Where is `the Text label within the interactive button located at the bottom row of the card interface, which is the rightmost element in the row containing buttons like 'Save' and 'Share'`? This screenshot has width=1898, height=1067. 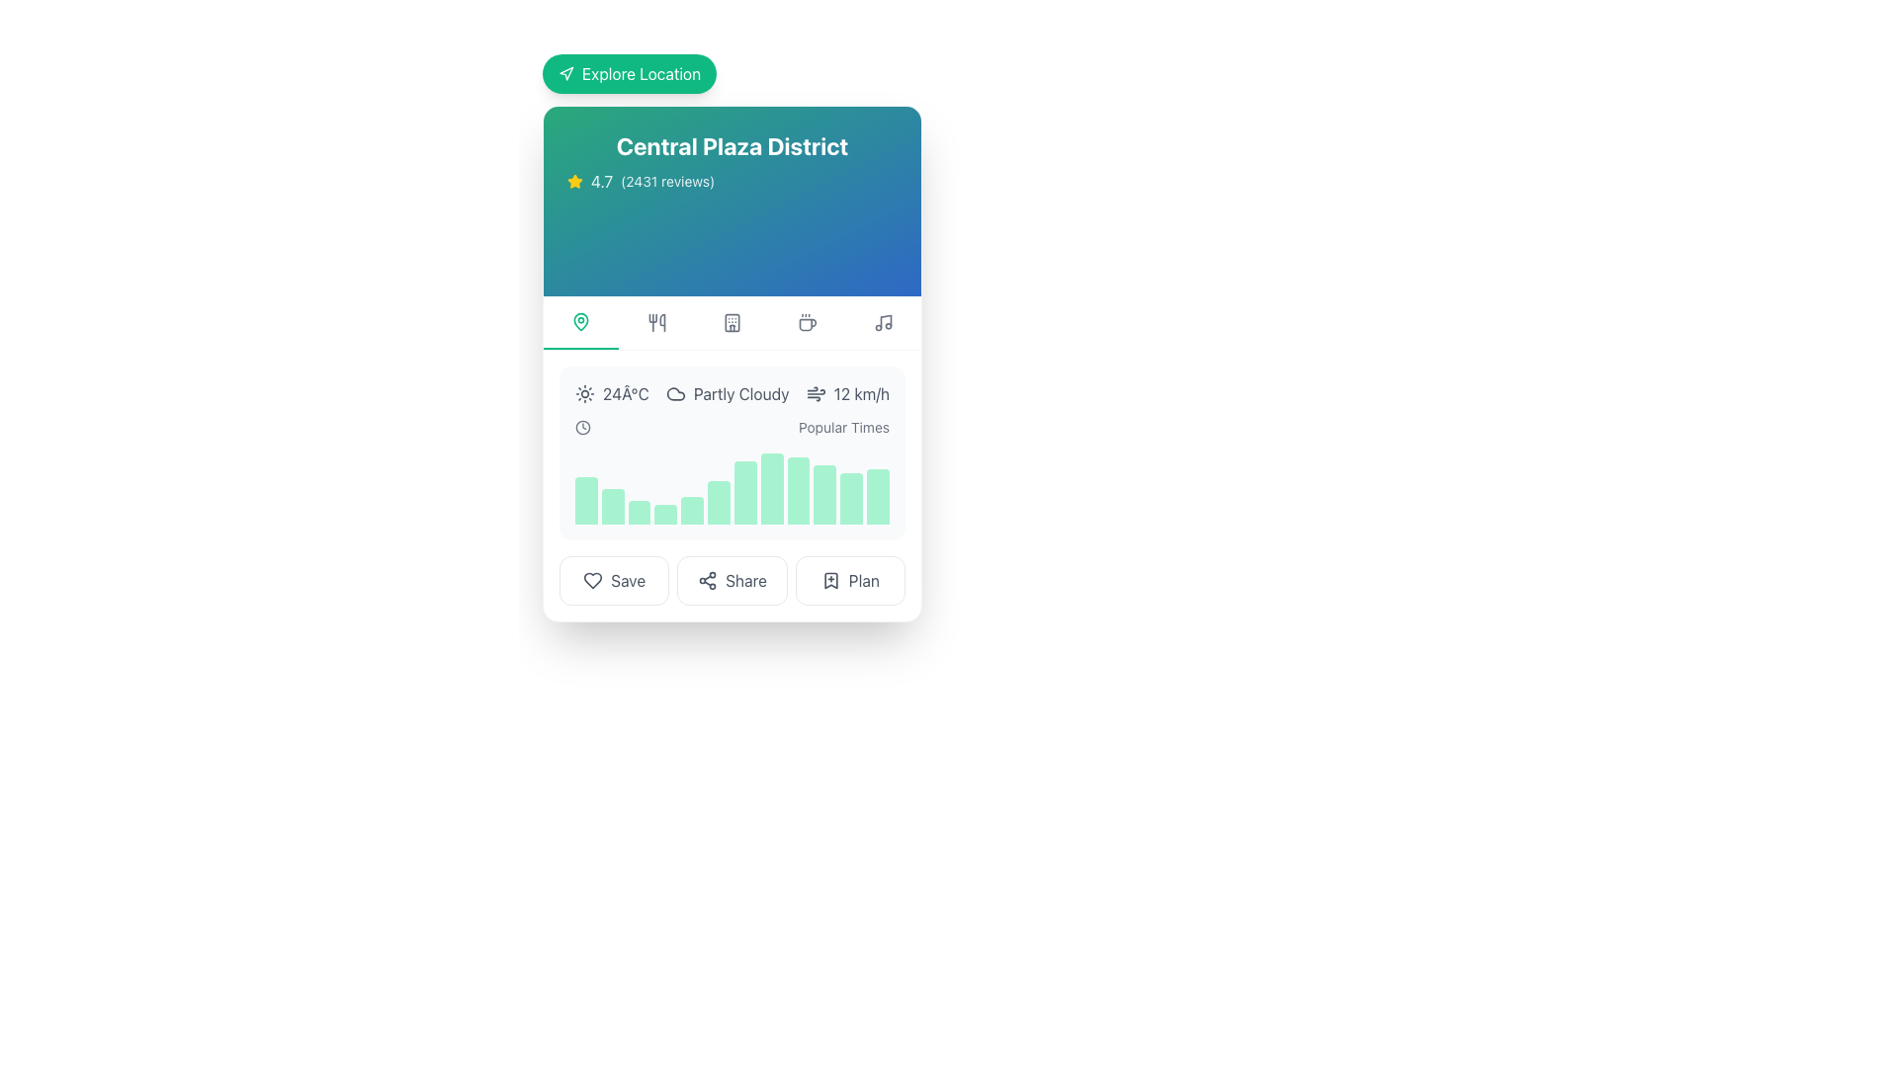
the Text label within the interactive button located at the bottom row of the card interface, which is the rightmost element in the row containing buttons like 'Save' and 'Share' is located at coordinates (864, 579).